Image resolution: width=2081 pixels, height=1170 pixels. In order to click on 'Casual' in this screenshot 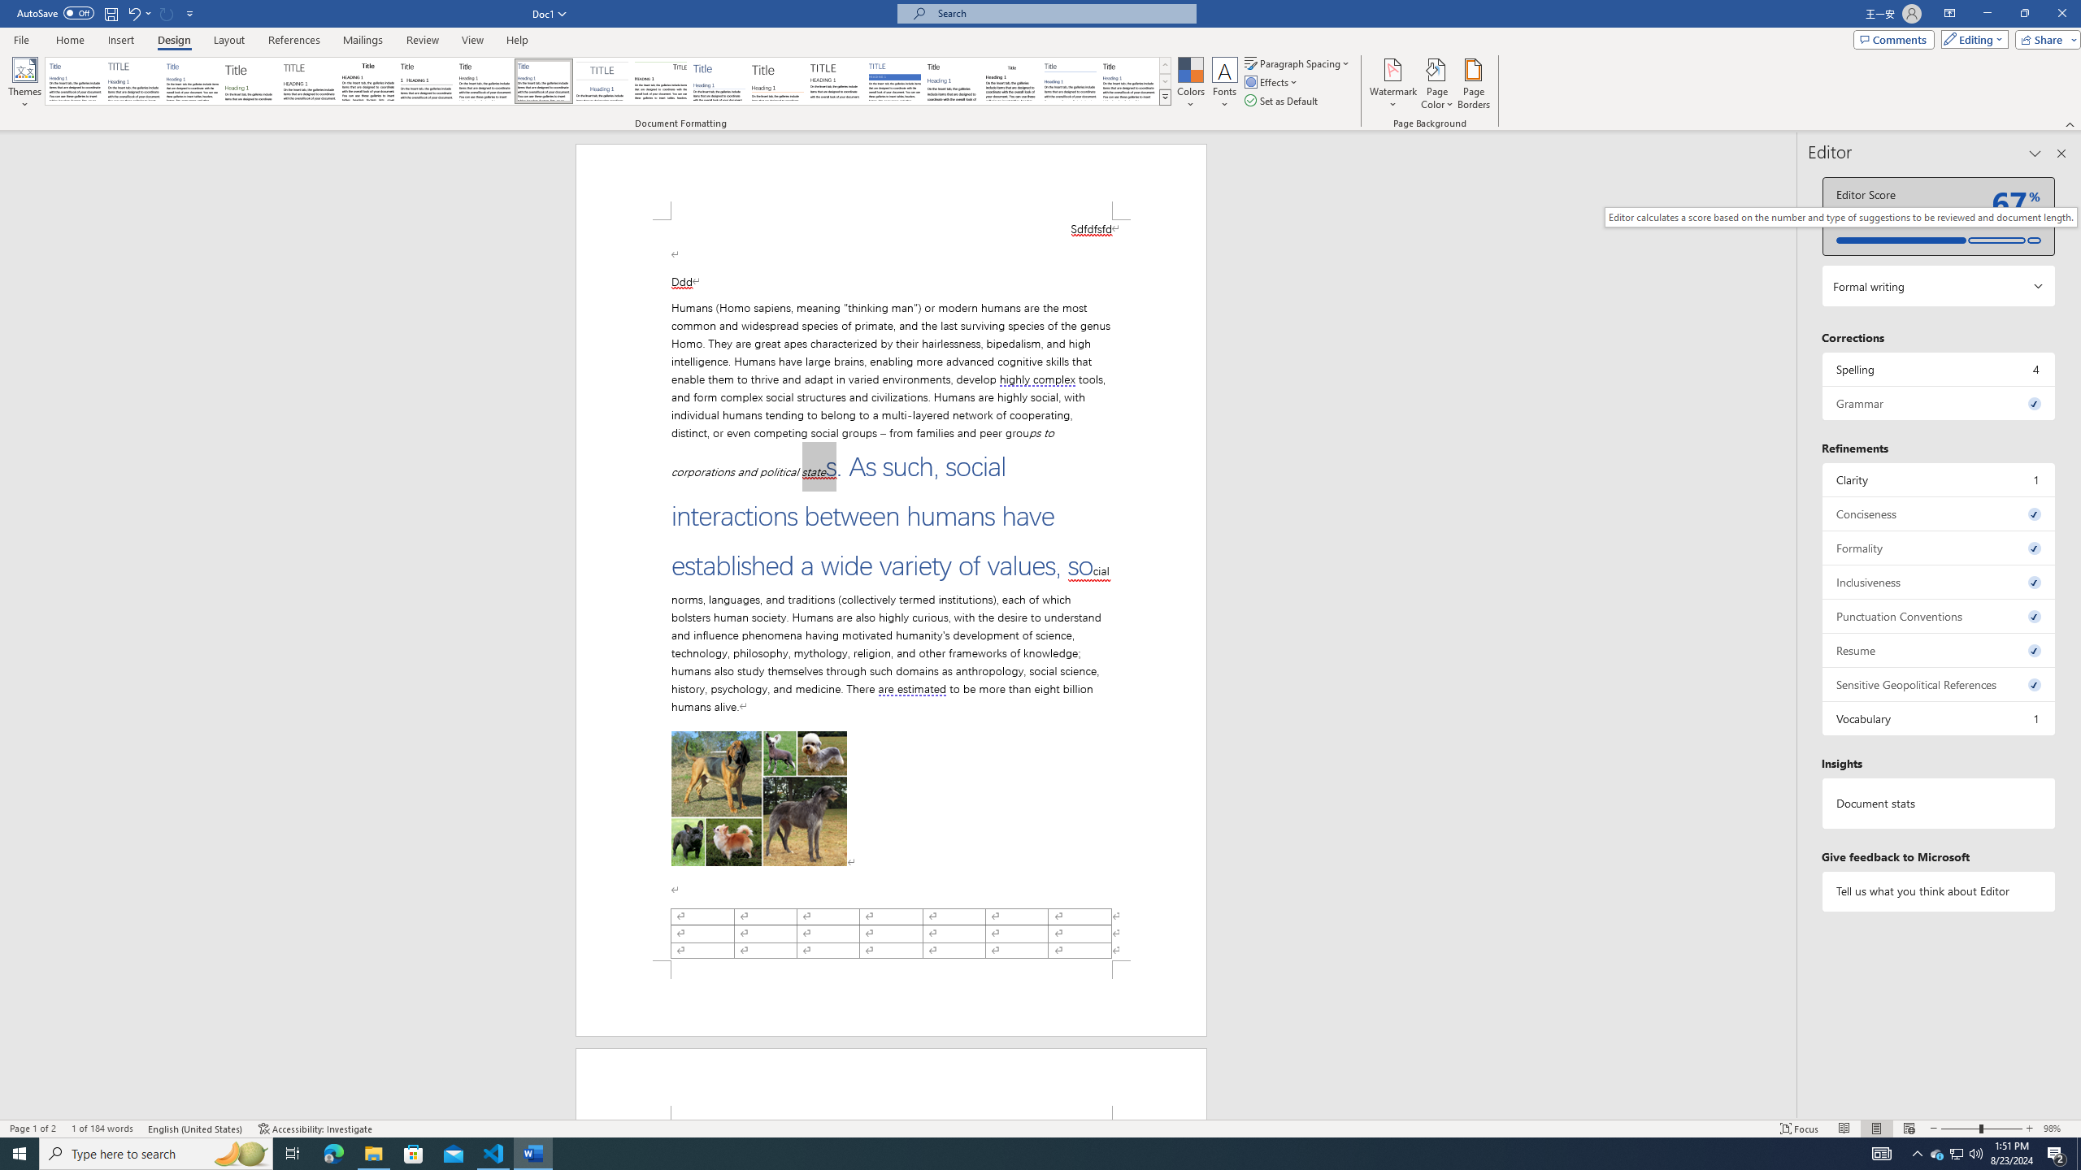, I will do `click(543, 80)`.